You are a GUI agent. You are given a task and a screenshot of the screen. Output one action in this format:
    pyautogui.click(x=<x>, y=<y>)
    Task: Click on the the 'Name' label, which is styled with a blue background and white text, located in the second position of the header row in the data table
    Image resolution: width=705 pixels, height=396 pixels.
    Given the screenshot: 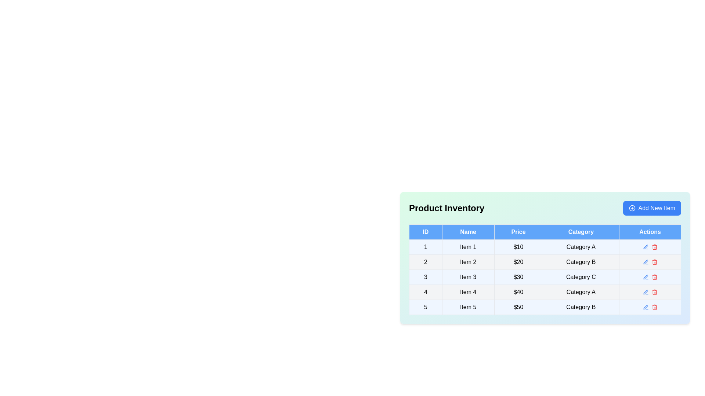 What is the action you would take?
    pyautogui.click(x=468, y=232)
    